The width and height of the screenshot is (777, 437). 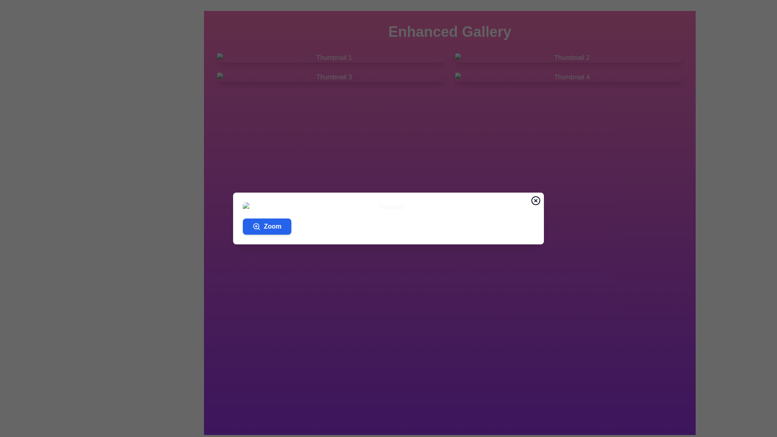 What do you see at coordinates (331, 77) in the screenshot?
I see `the third thumbnail item in the gallery, which is located in the second row and first column of the grid` at bounding box center [331, 77].